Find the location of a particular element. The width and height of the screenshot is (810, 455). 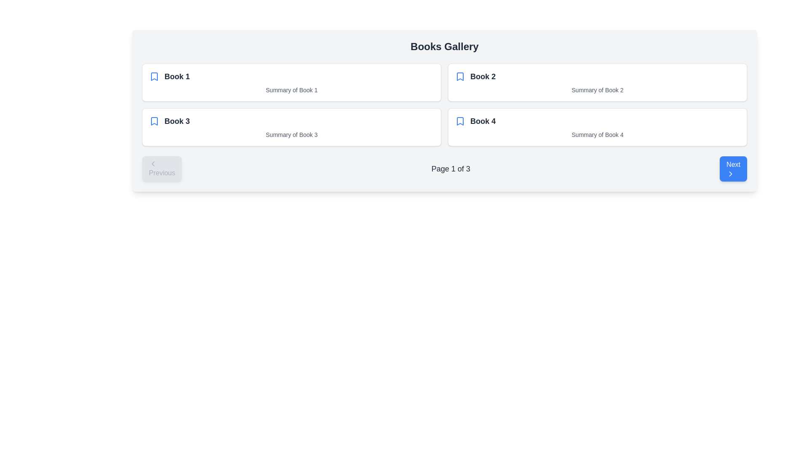

the text label displaying 'Book 1', which is styled with bold and larger font, dark gray color, and positioned next to a blue bookmark icon is located at coordinates (177, 76).